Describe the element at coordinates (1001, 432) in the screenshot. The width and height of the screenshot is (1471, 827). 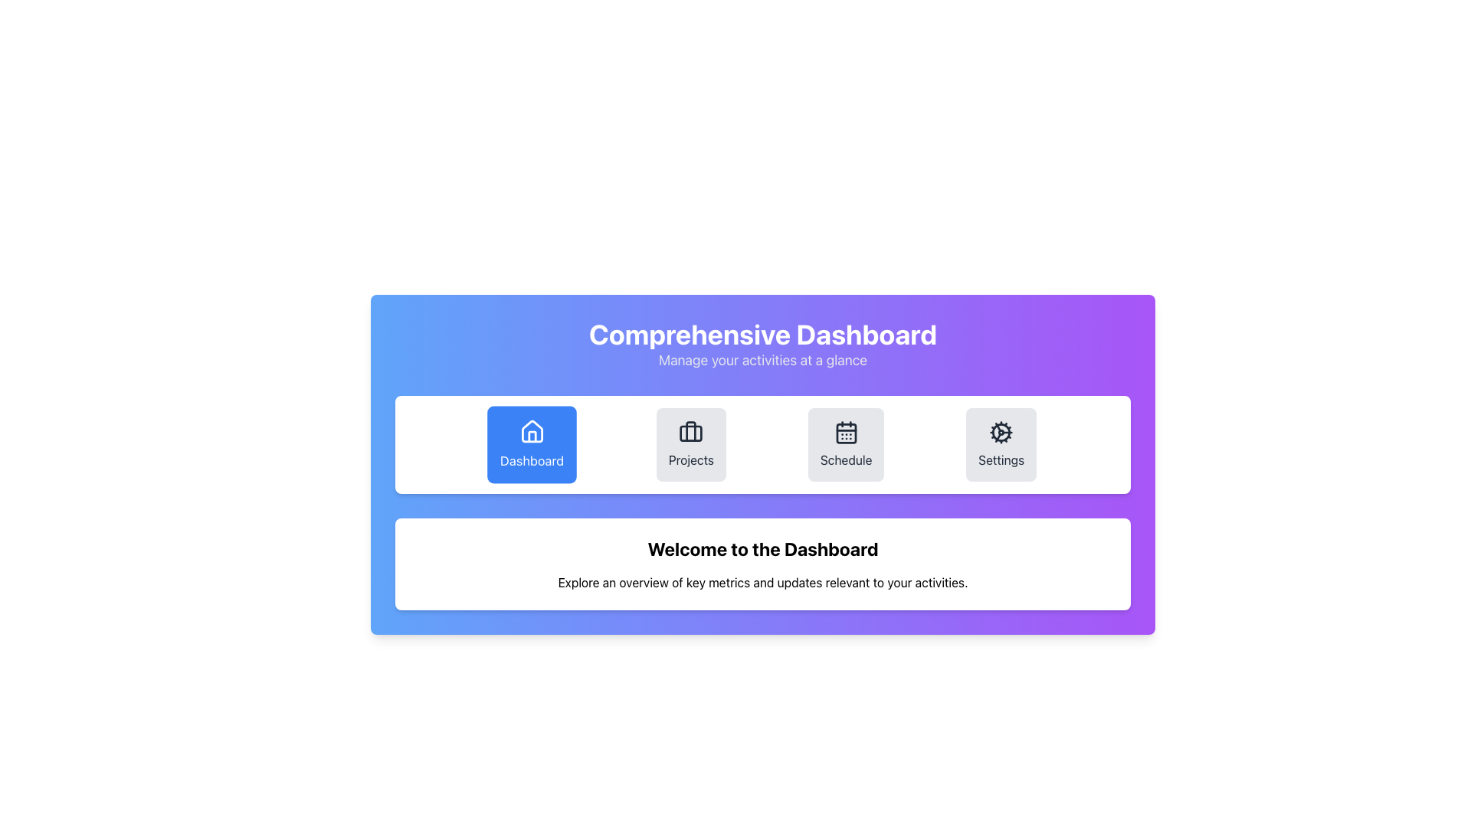
I see `the cog-shaped 'Settings' icon located at the top right of the primary navigation section` at that location.